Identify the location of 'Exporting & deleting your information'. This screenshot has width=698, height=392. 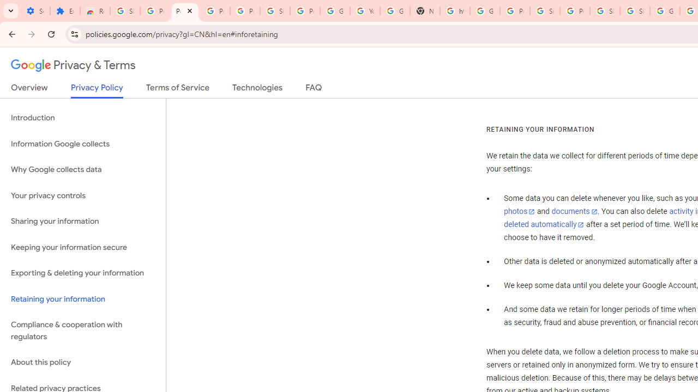
(82, 273).